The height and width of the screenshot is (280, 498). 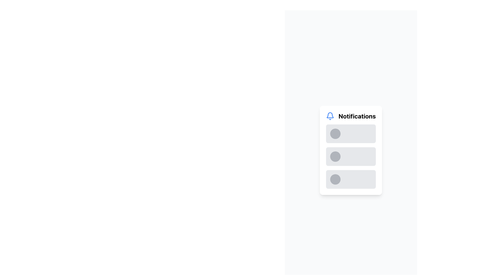 What do you see at coordinates (351, 134) in the screenshot?
I see `the first Placeholder card in the notifications panel, which is a rectangular card with a gray background and rounded borders, located under the 'Notifications' title` at bounding box center [351, 134].